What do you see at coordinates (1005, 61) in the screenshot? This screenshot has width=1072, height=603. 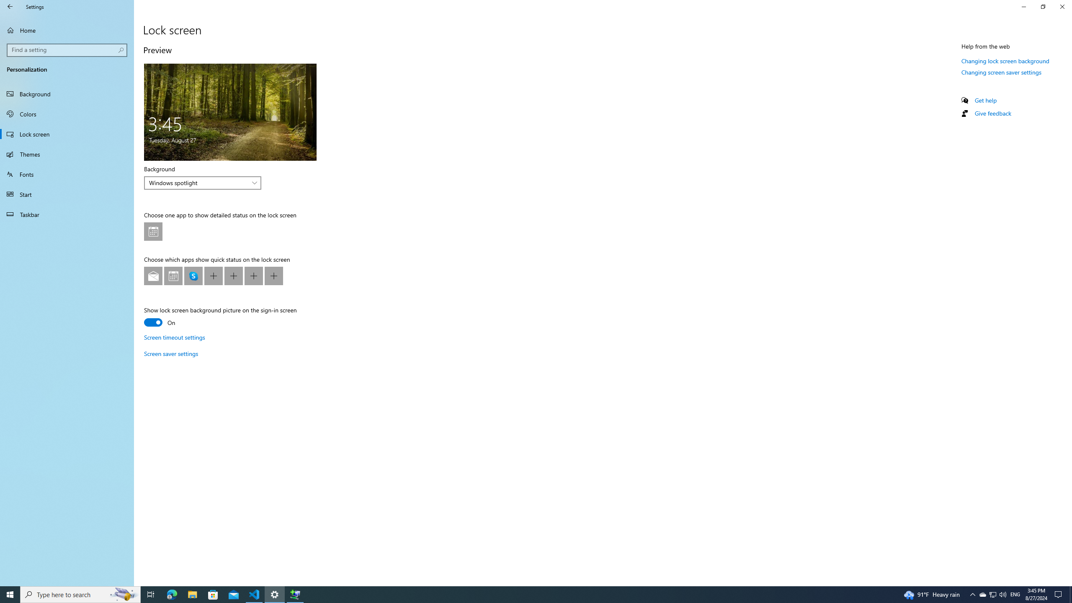 I see `'Changing lock screen background'` at bounding box center [1005, 61].